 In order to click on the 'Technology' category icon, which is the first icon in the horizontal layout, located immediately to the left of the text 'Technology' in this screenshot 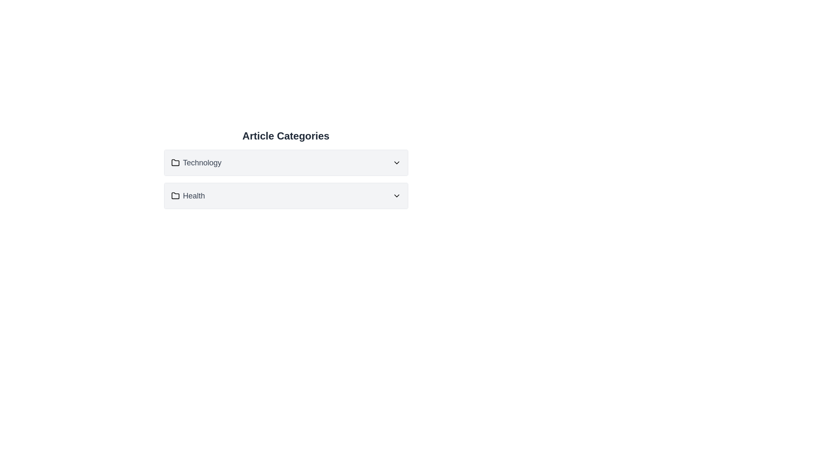, I will do `click(175, 163)`.